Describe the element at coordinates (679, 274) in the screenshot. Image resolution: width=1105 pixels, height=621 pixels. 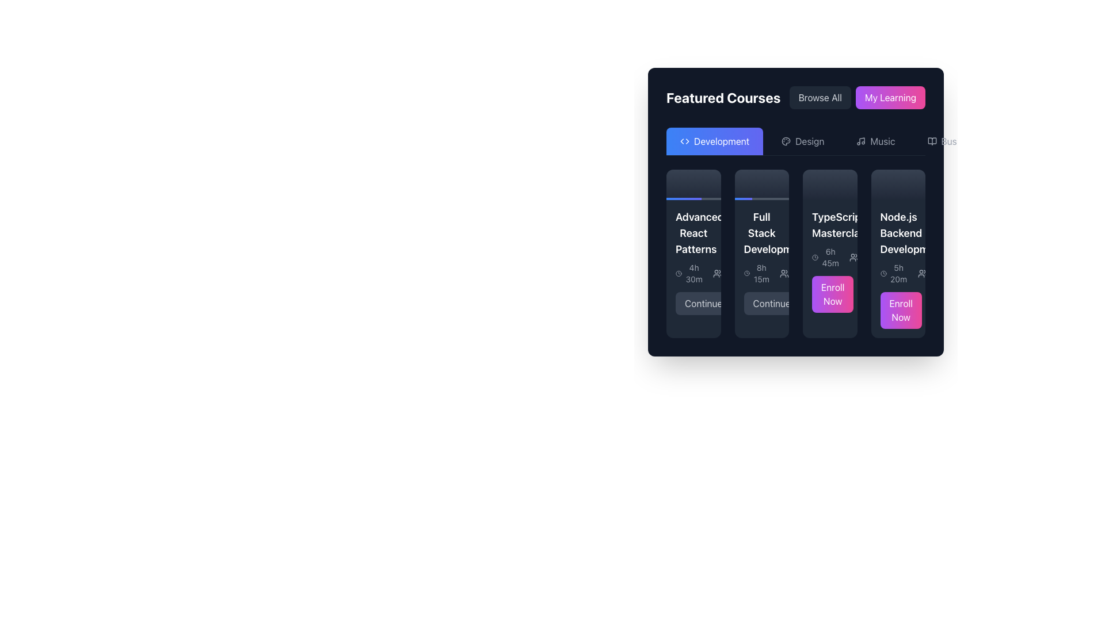
I see `the clock icon, which is a stylized SVG symbol with a circular outline and two hands, located in the top-left corner of the first card labeled 'Featured Courses'` at that location.